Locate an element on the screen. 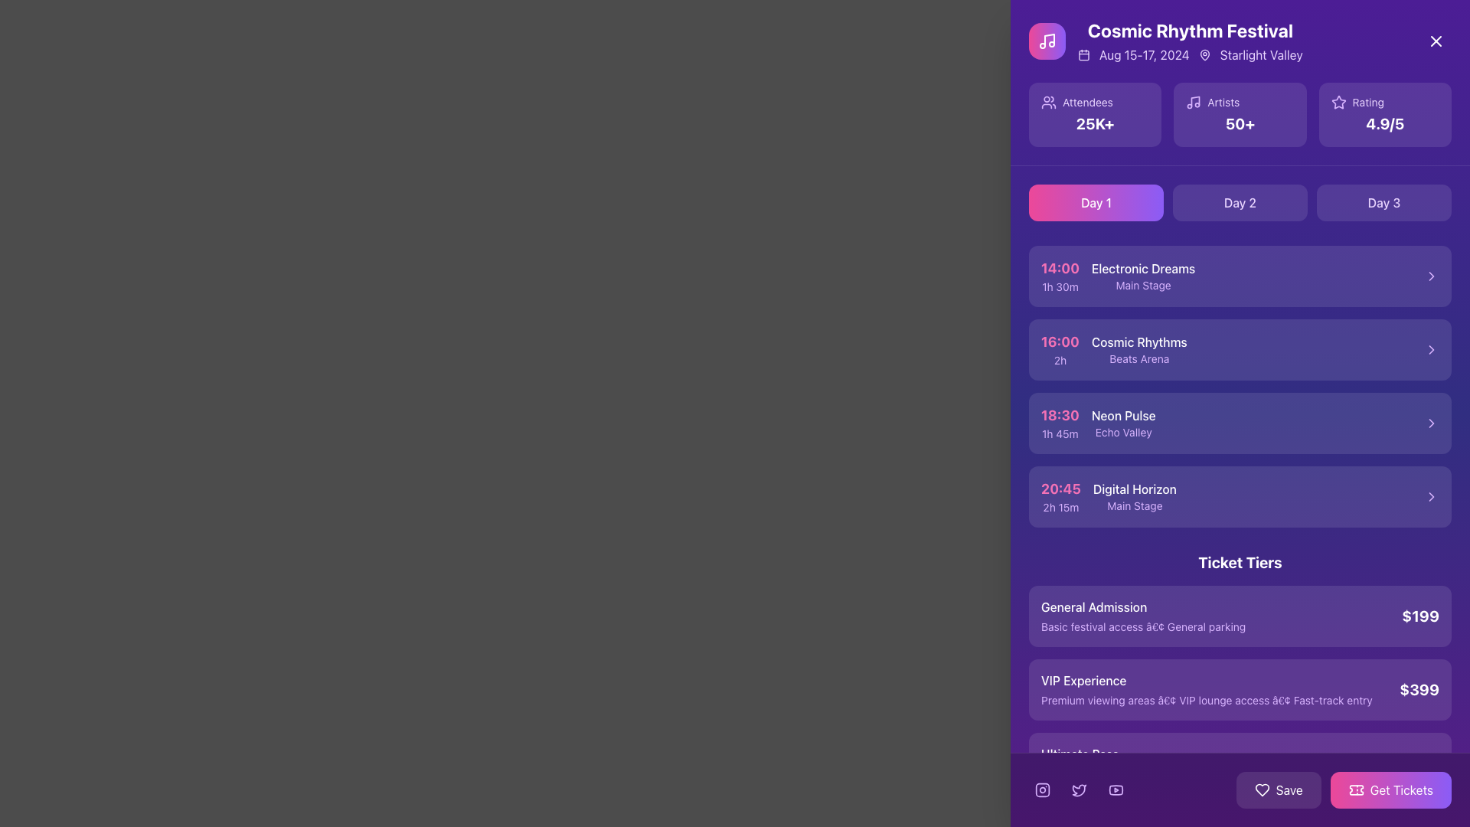 The image size is (1470, 827). the text element displaying 'Starlight Valley' in bold white font on a purple background, which is part of the header section of the event information area is located at coordinates (1261, 54).